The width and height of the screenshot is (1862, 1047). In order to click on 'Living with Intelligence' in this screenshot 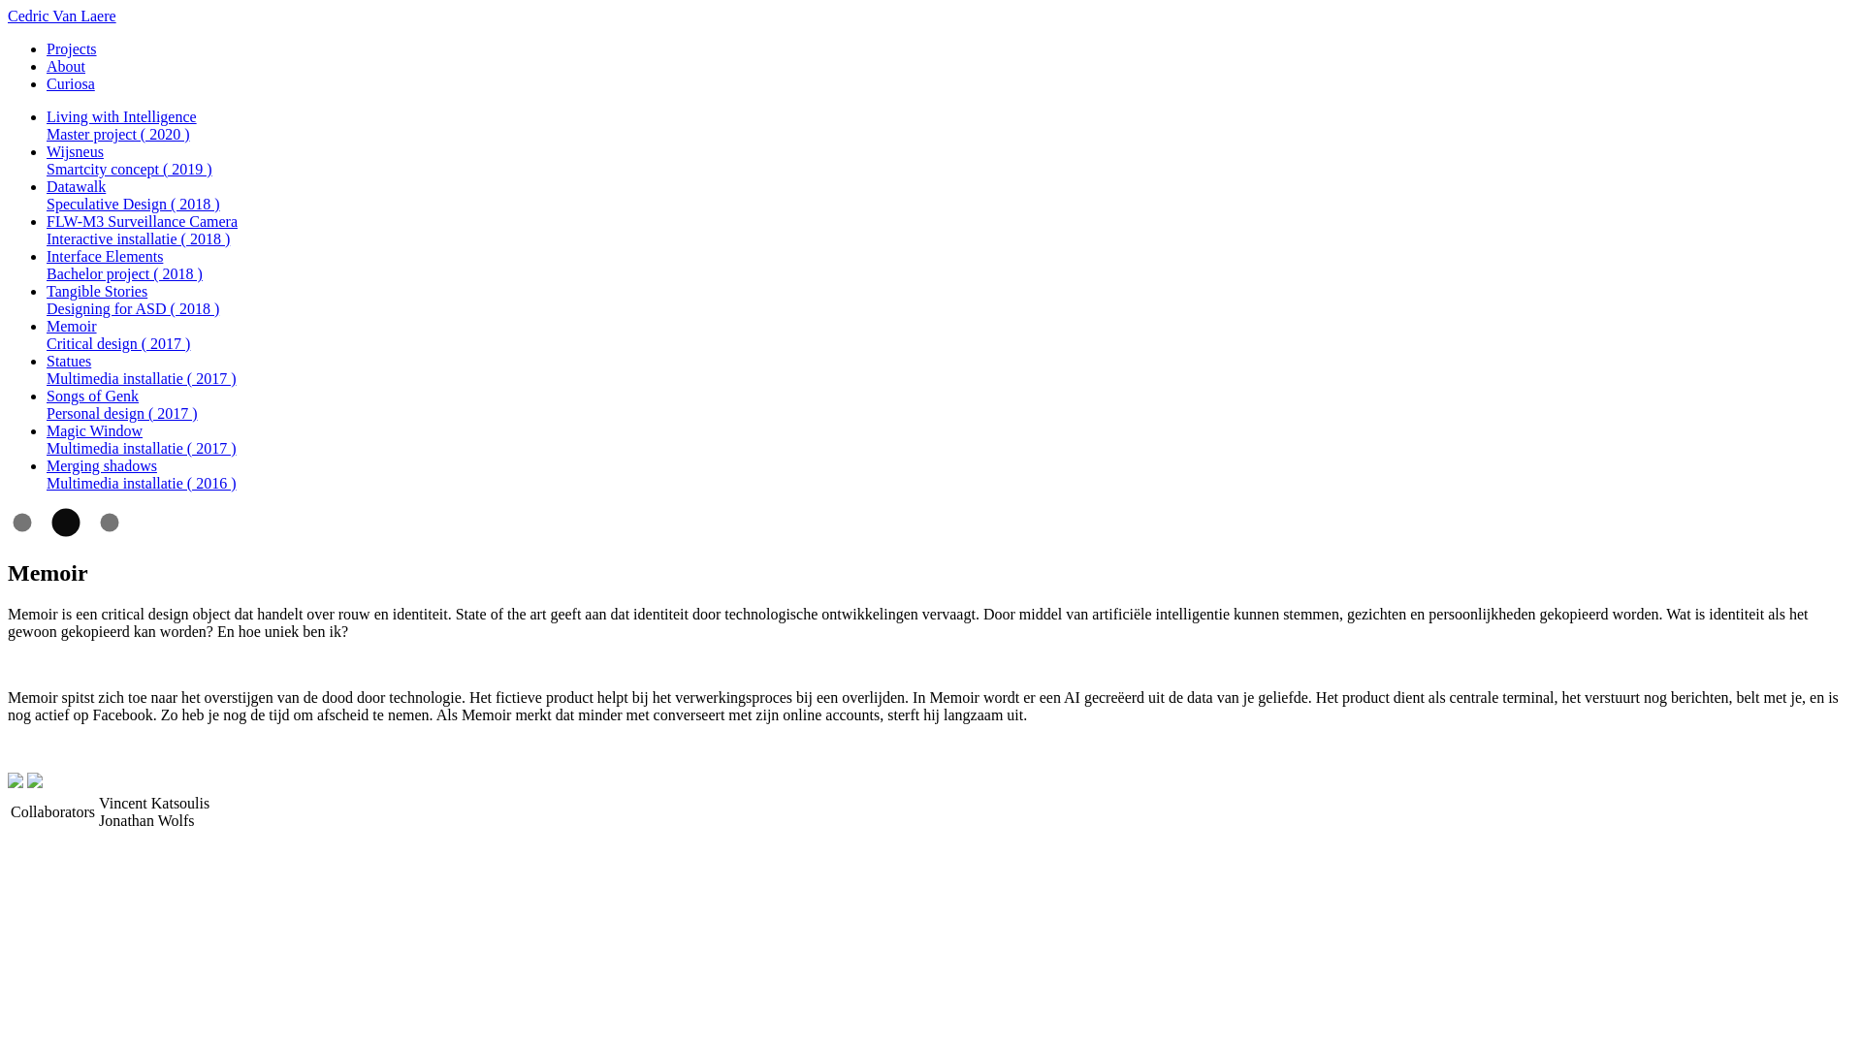, I will do `click(120, 116)`.